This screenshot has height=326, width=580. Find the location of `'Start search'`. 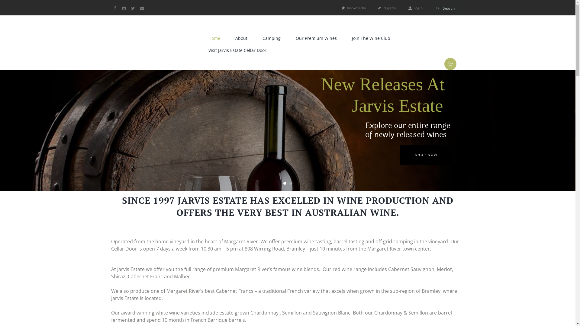

'Start search' is located at coordinates (432, 8).